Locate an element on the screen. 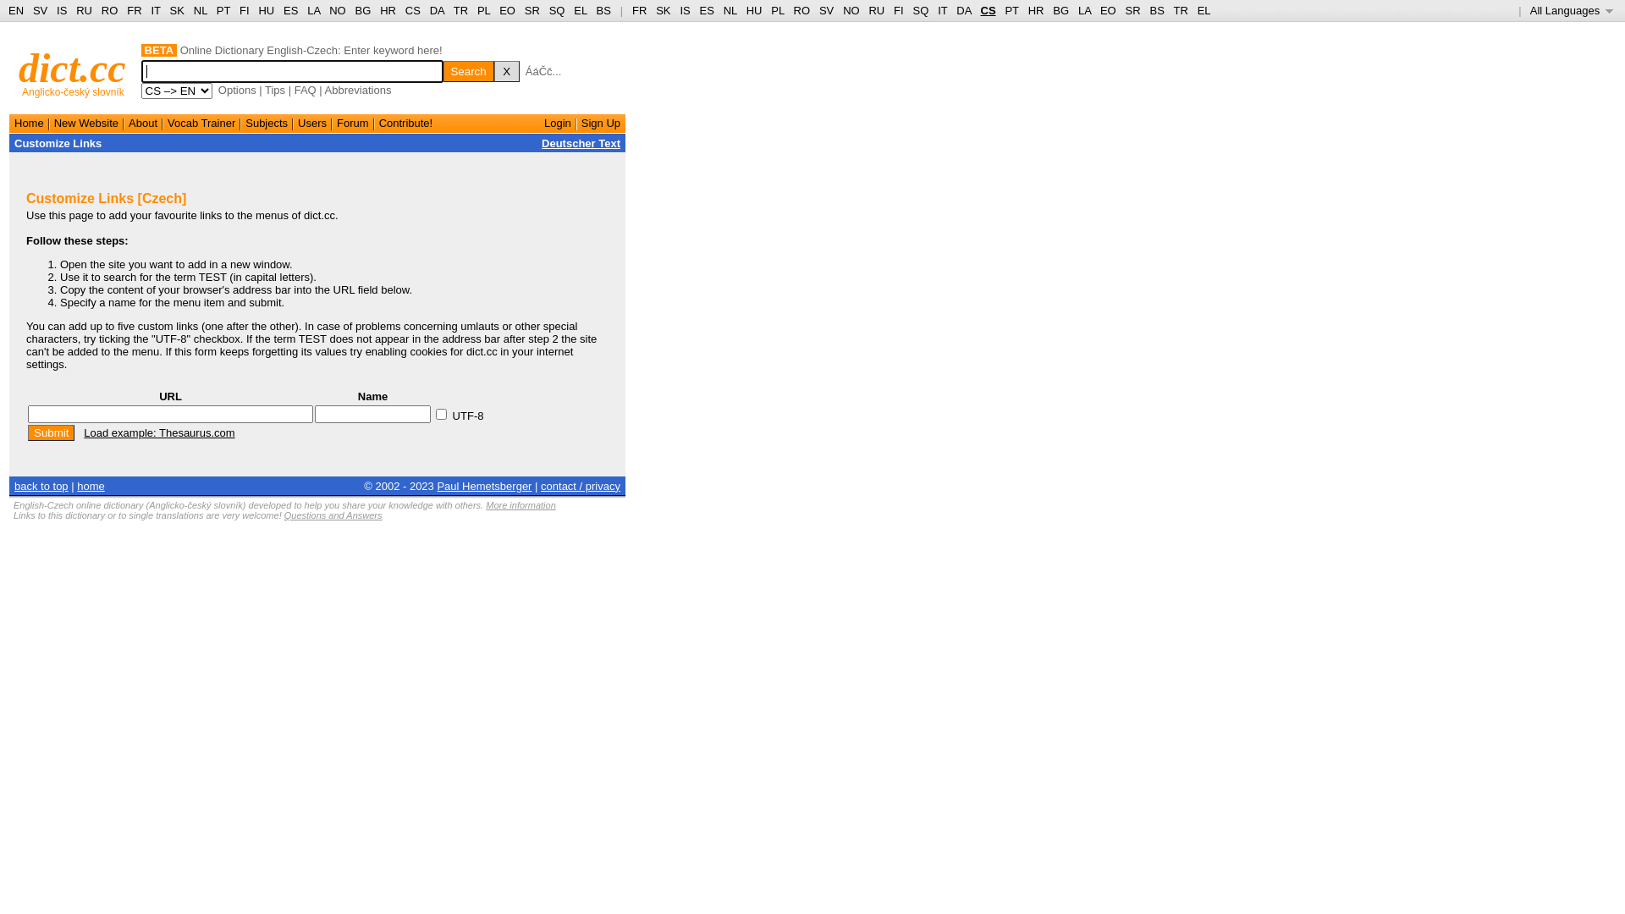  'All Languages ' is located at coordinates (1571, 10).